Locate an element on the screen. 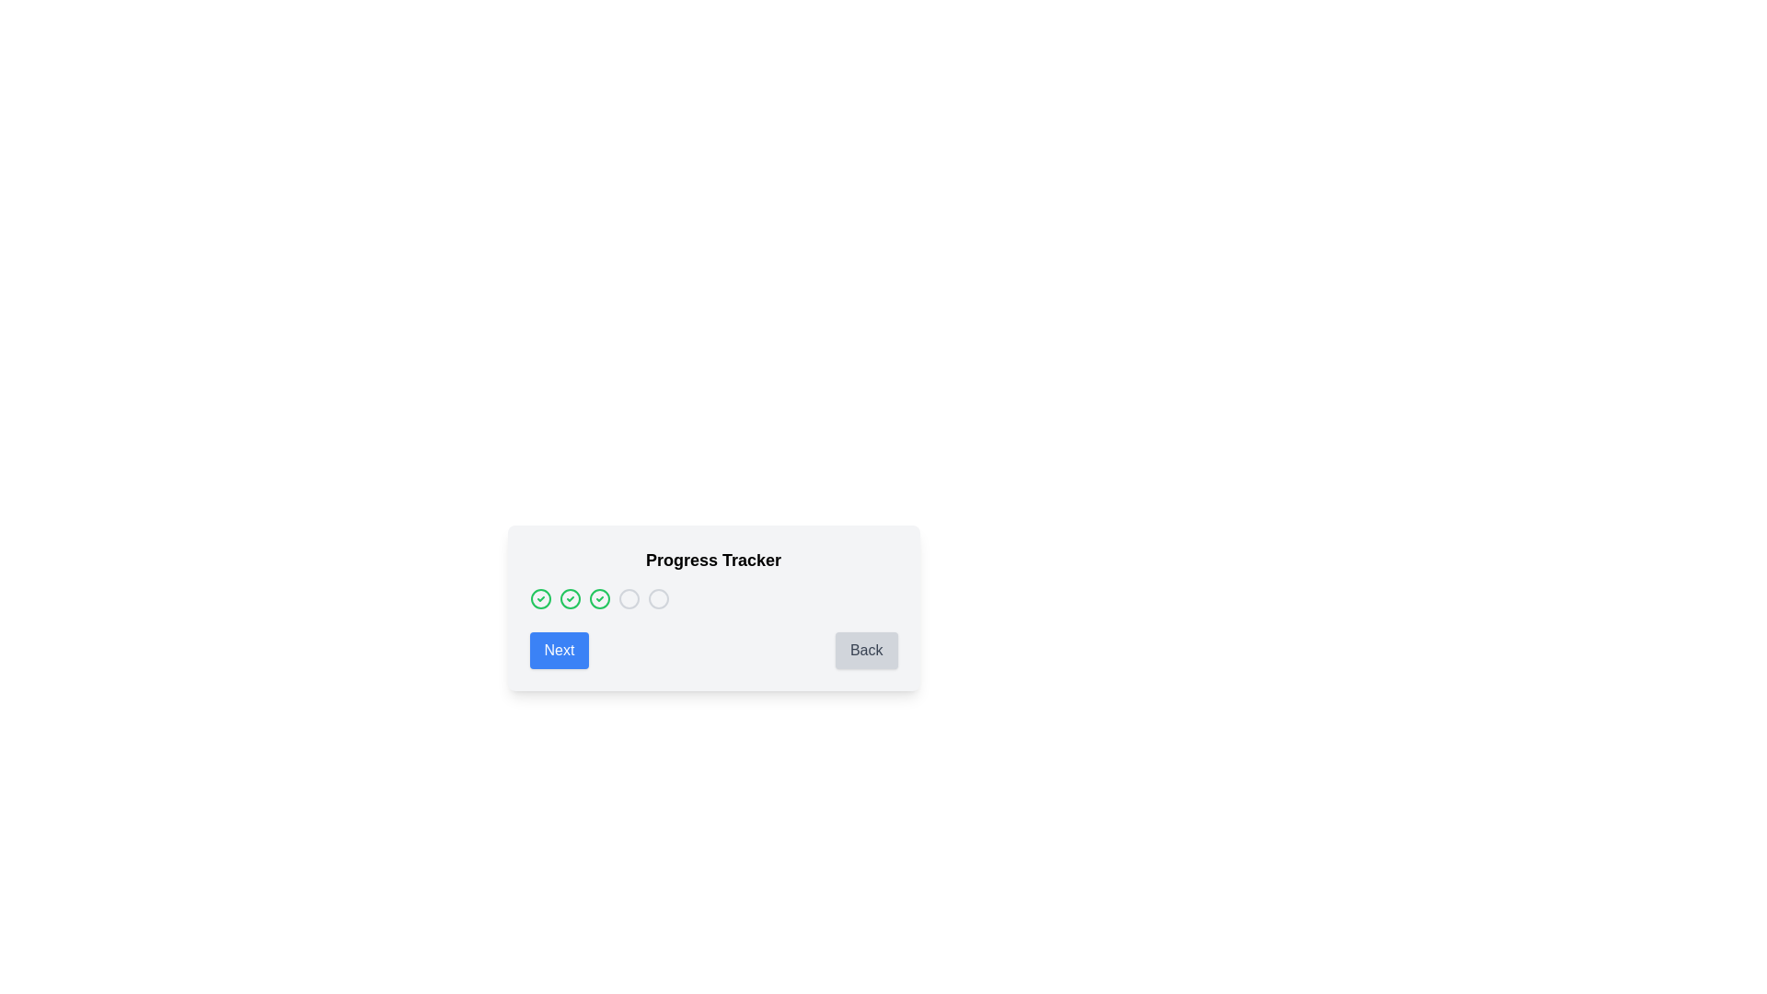 This screenshot has width=1767, height=994. the rectangular 'Next' button with white text on a blue background, located at the bottom-left of the progress-tracking card is located at coordinates (558, 649).